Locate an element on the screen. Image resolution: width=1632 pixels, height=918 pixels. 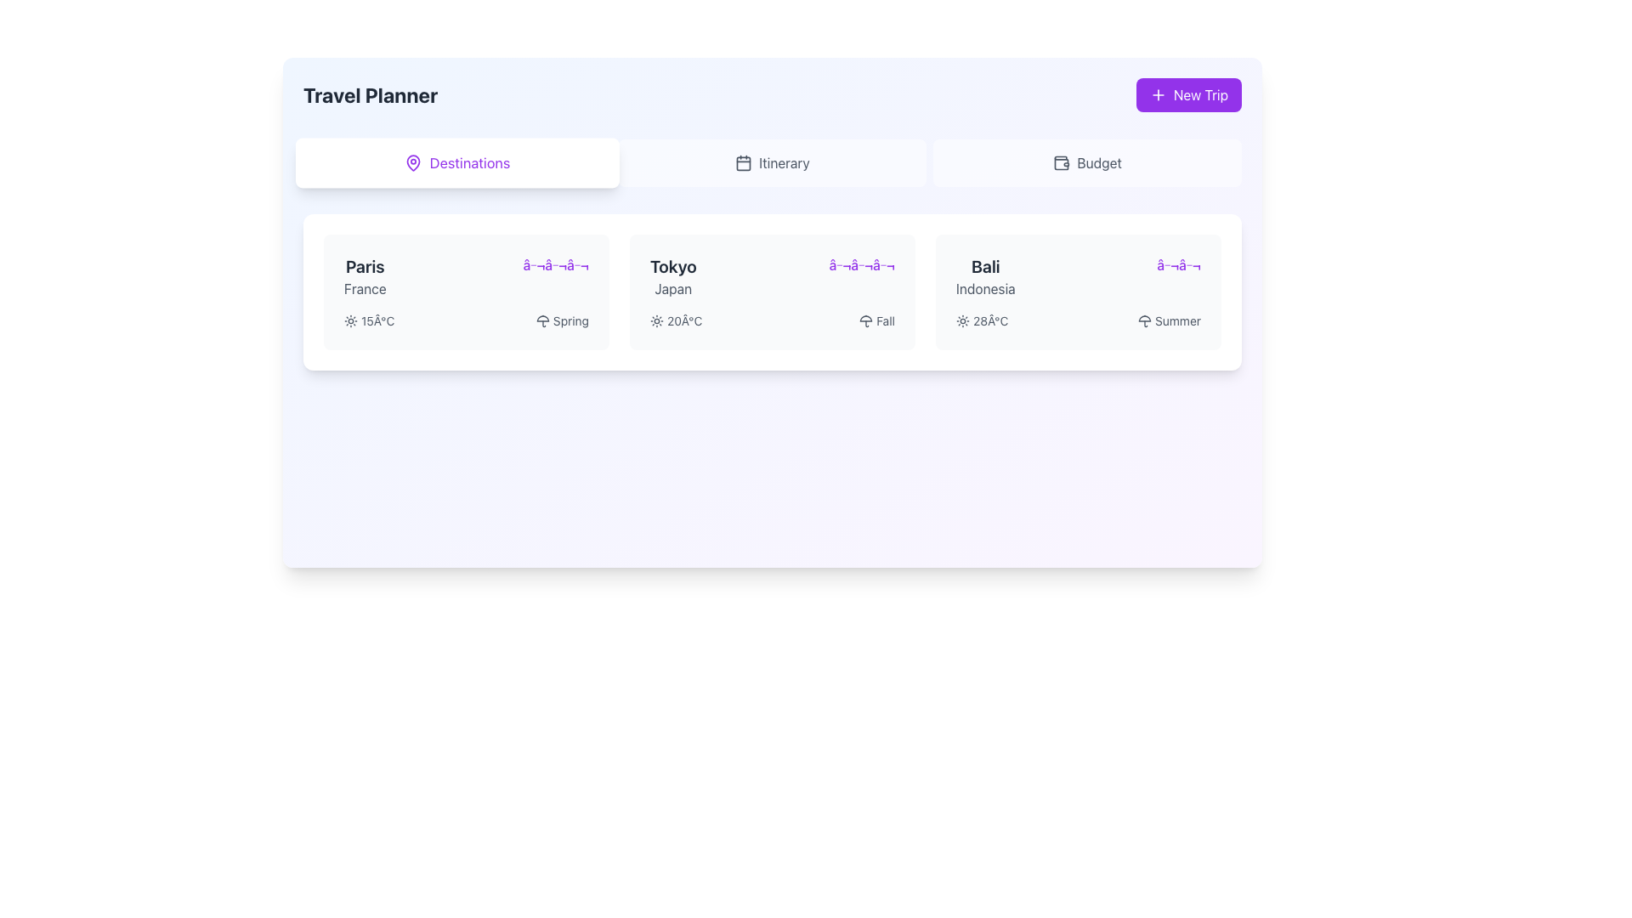
the 'Budget' button located under the 'Travel Planner' header is located at coordinates (1086, 163).